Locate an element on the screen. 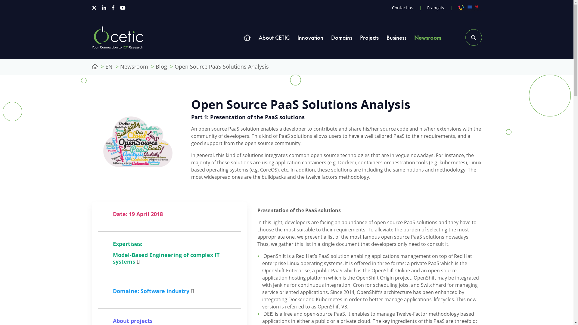 The width and height of the screenshot is (578, 325). 'About CETIC' is located at coordinates (258, 37).